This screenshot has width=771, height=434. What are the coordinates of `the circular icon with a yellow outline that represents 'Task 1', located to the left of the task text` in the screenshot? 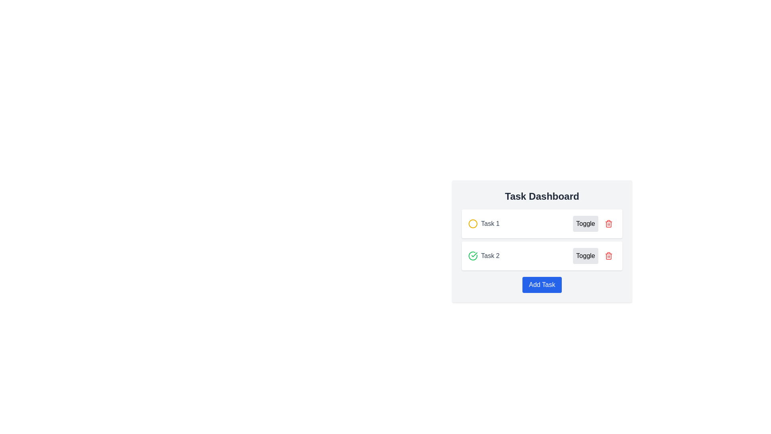 It's located at (473, 223).